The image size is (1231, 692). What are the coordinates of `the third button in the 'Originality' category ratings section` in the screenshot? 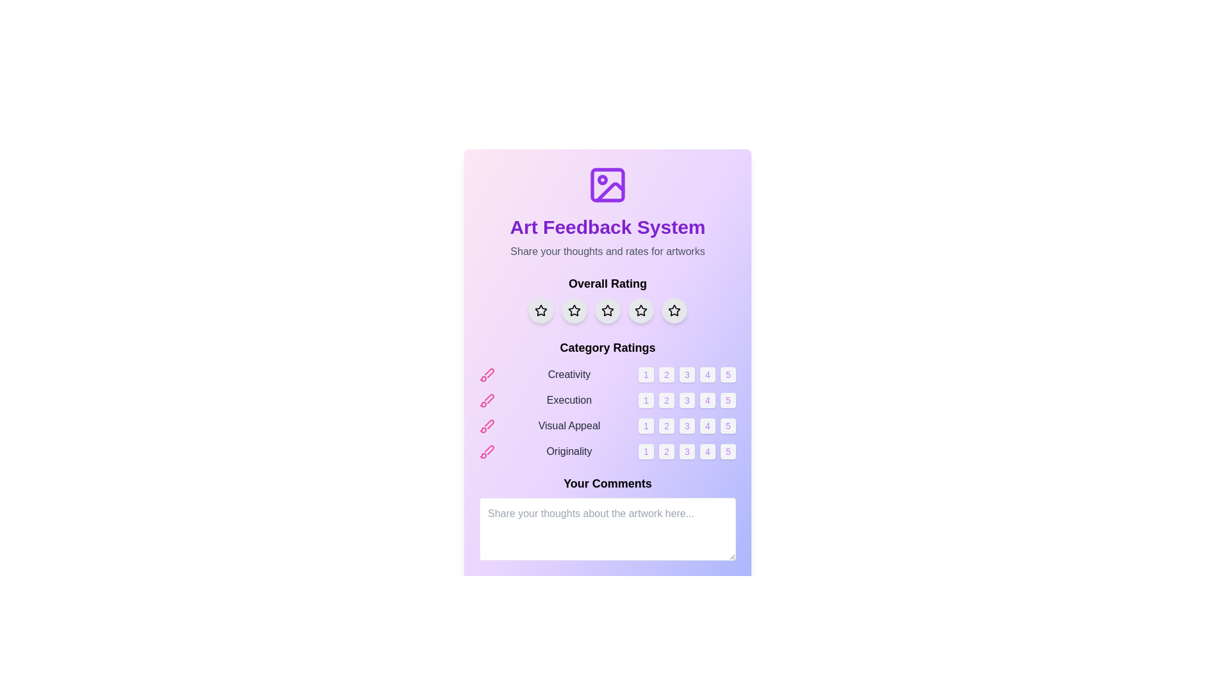 It's located at (686, 451).